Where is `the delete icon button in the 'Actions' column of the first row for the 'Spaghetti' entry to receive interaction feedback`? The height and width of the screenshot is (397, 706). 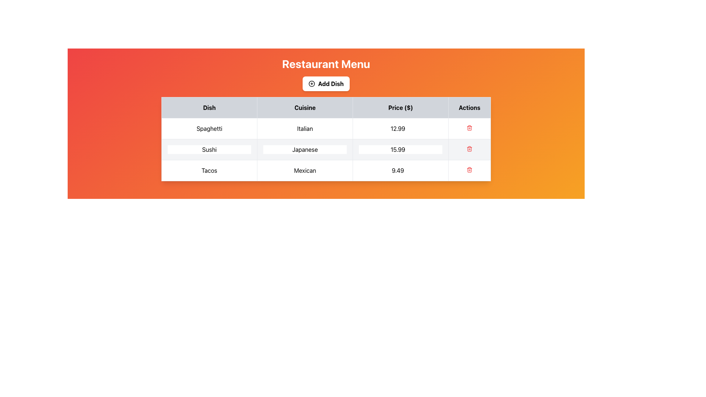 the delete icon button in the 'Actions' column of the first row for the 'Spaghetti' entry to receive interaction feedback is located at coordinates (469, 128).